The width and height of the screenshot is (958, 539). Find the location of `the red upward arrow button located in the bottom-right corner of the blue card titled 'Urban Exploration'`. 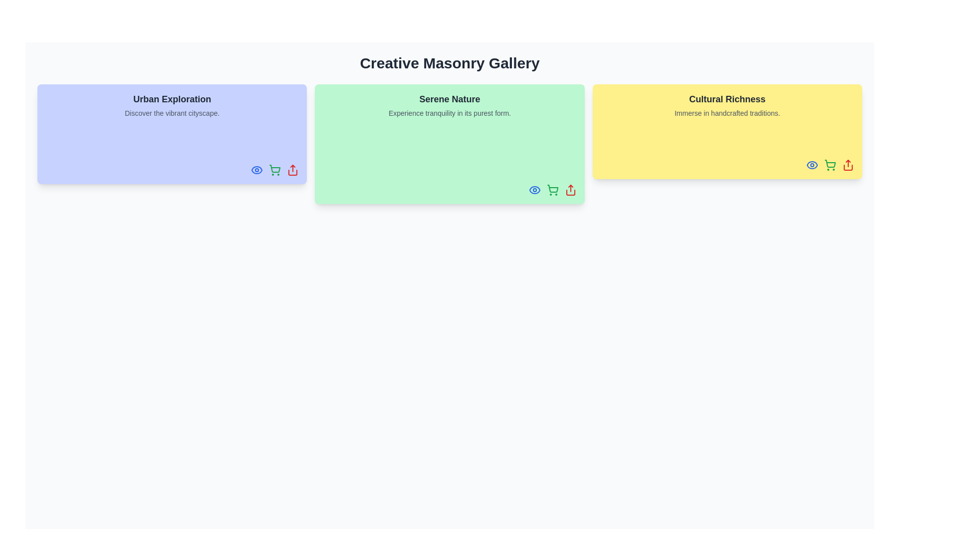

the red upward arrow button located in the bottom-right corner of the blue card titled 'Urban Exploration' is located at coordinates (292, 169).